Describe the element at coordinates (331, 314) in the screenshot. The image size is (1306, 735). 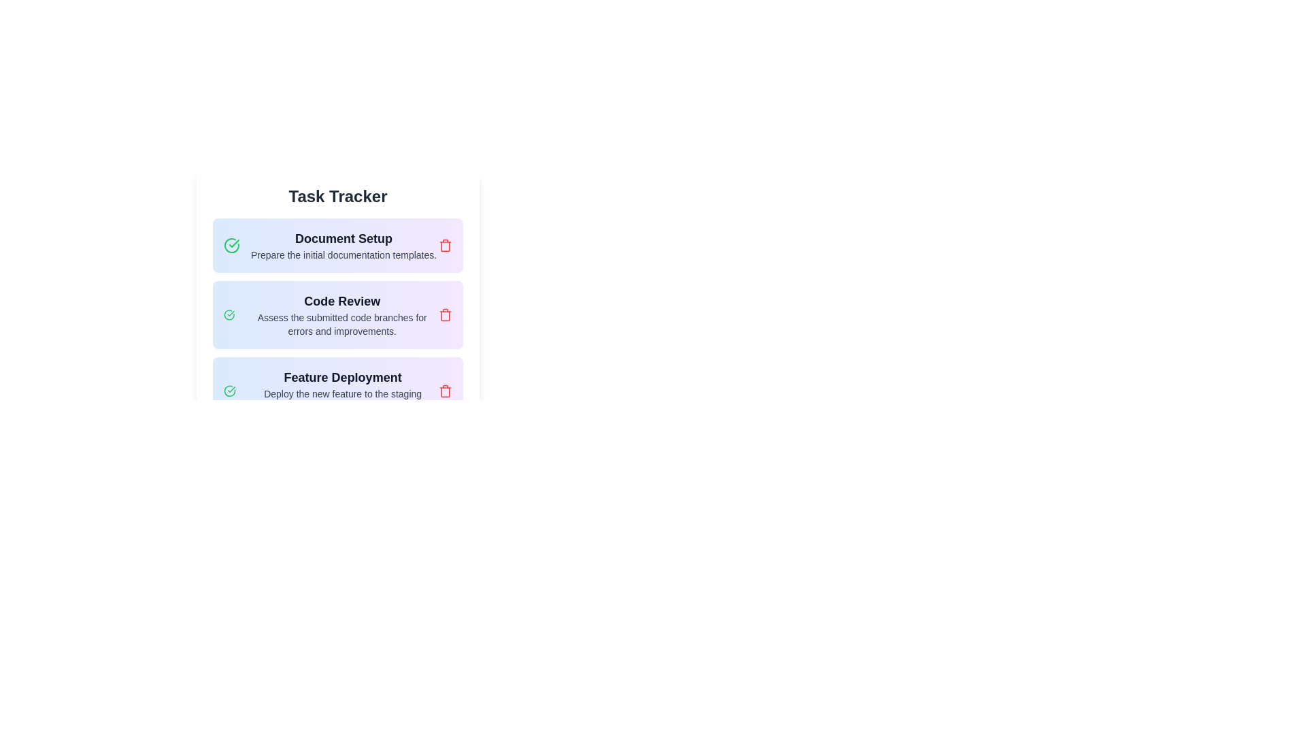
I see `task description for the 'Code Review' task card located in the second row of the task list under the 'Task Tracker' header` at that location.